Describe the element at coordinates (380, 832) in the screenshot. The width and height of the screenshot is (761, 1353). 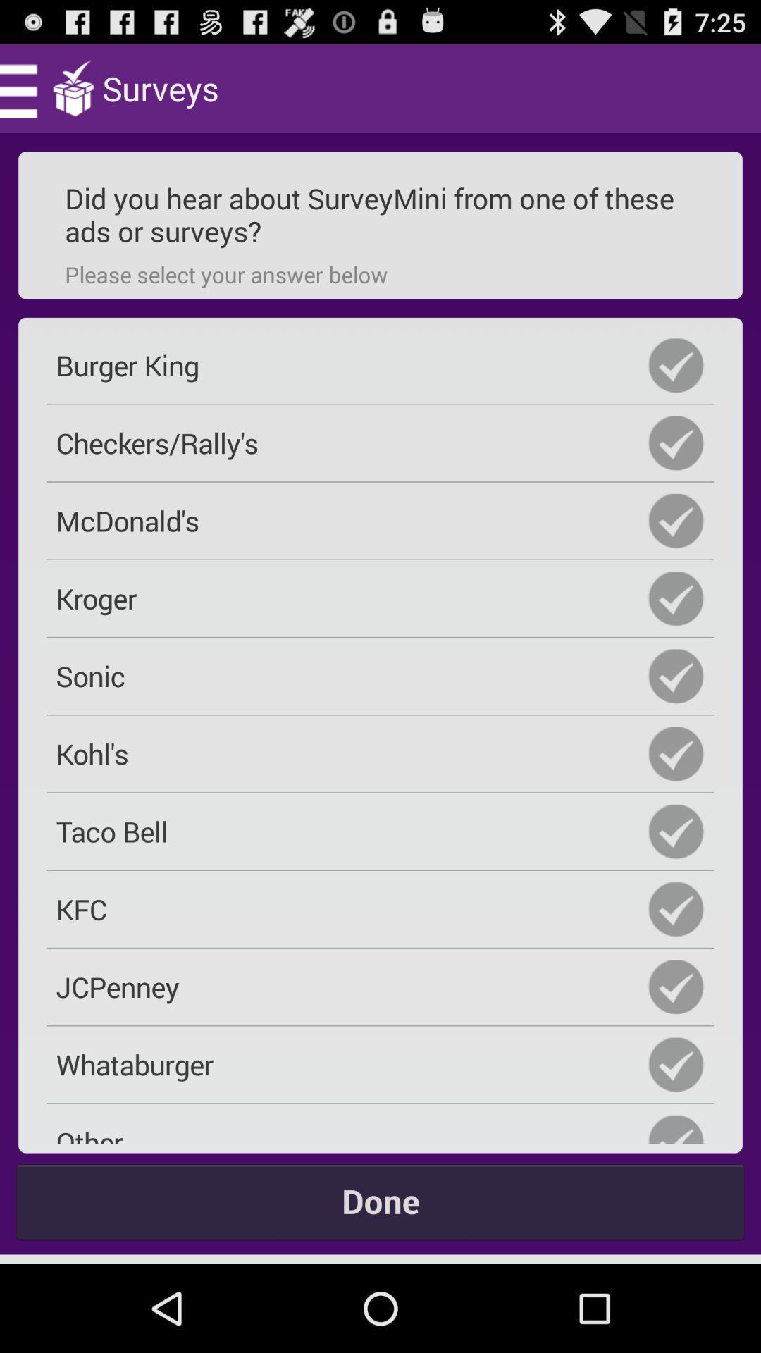
I see `the item above kfc` at that location.